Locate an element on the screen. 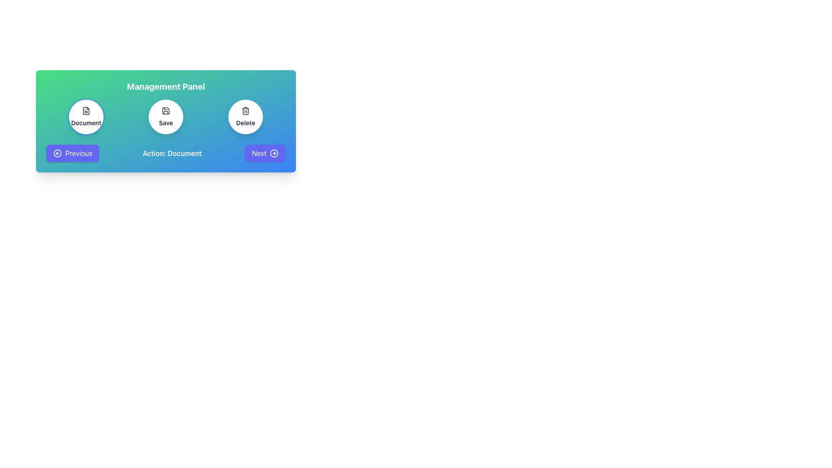 The width and height of the screenshot is (832, 468). the 'Save' button located in the Management Panel, which is the second button in a horizontal group of three buttons is located at coordinates (166, 117).